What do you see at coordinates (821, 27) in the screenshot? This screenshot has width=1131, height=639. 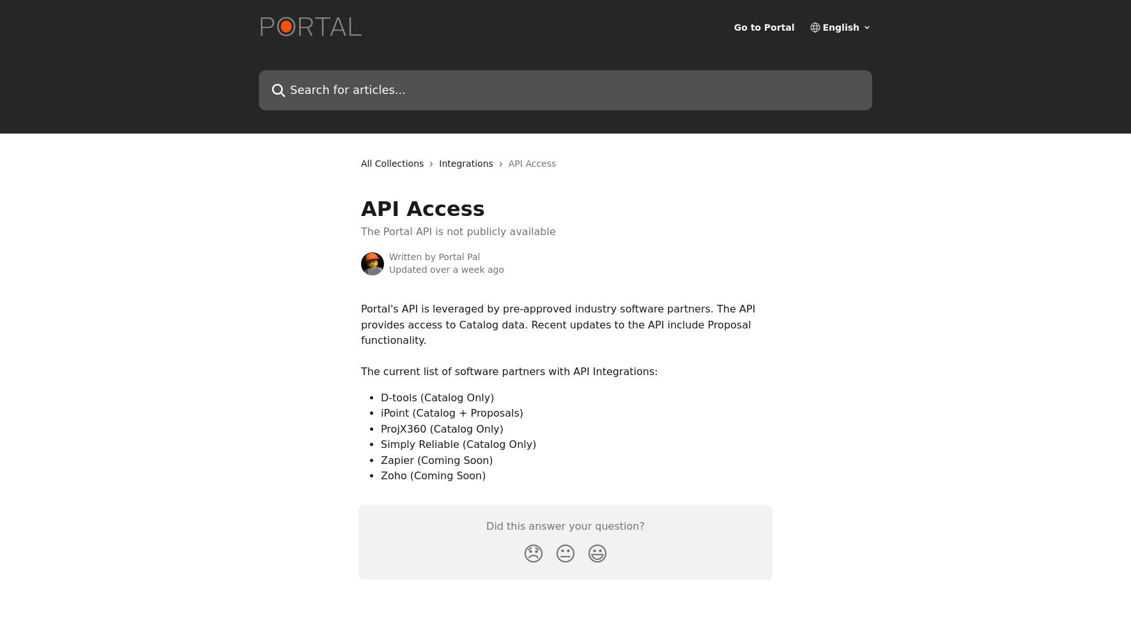 I see `'English'` at bounding box center [821, 27].